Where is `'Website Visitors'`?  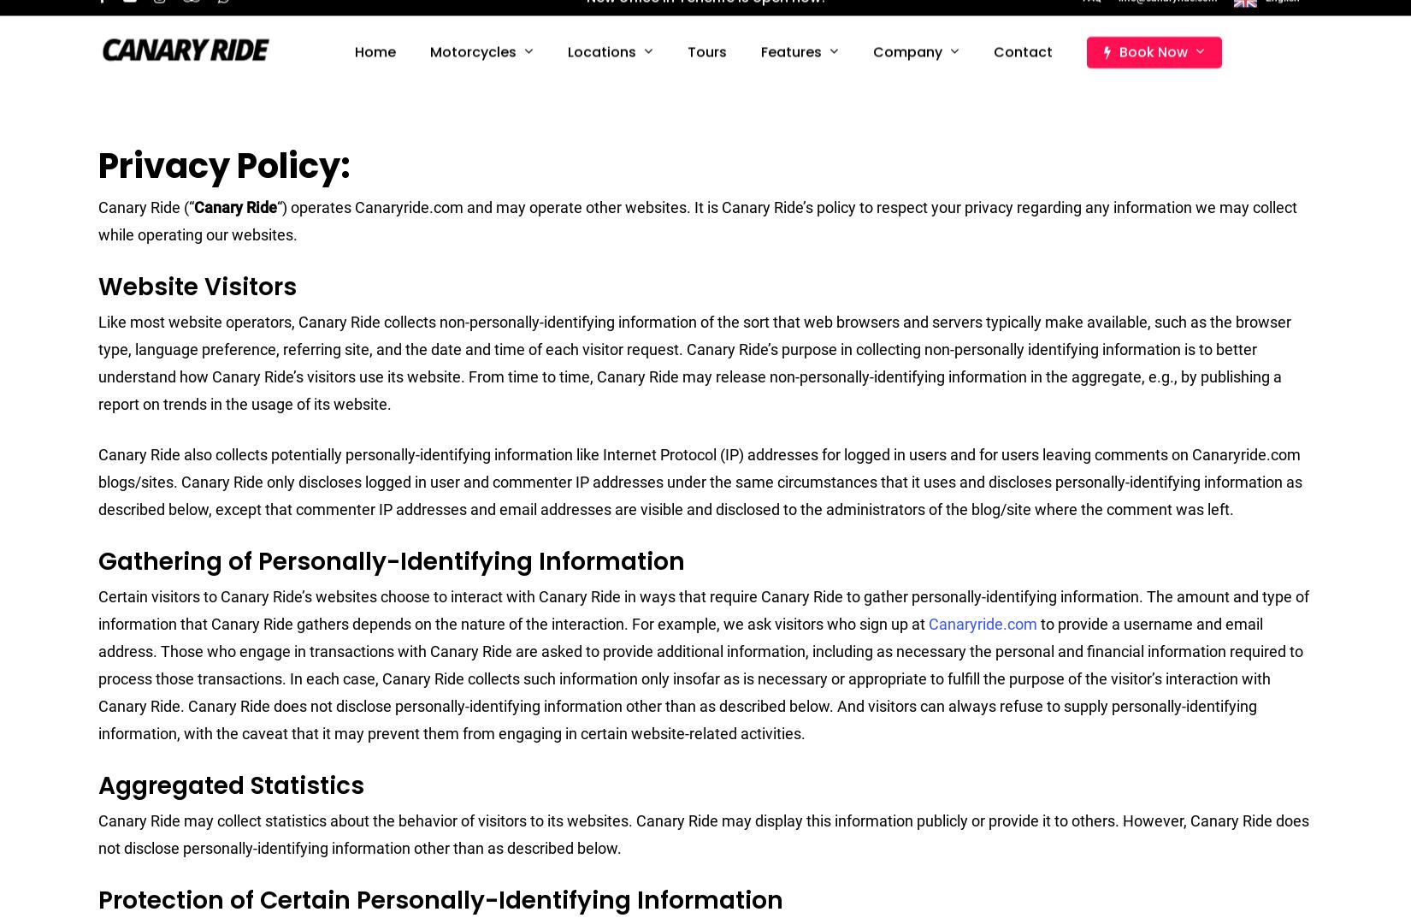 'Website Visitors' is located at coordinates (98, 287).